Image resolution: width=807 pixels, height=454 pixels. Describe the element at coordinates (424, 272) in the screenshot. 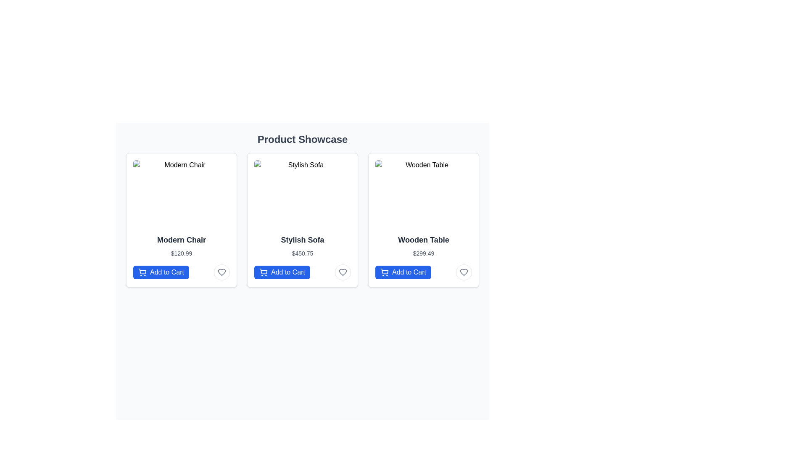

I see `the 'Add to Cart' button, which is a rectangular blue button with white text and a shopping cart icon, located at the bottom section of the product card for 'Wooden Table'` at that location.